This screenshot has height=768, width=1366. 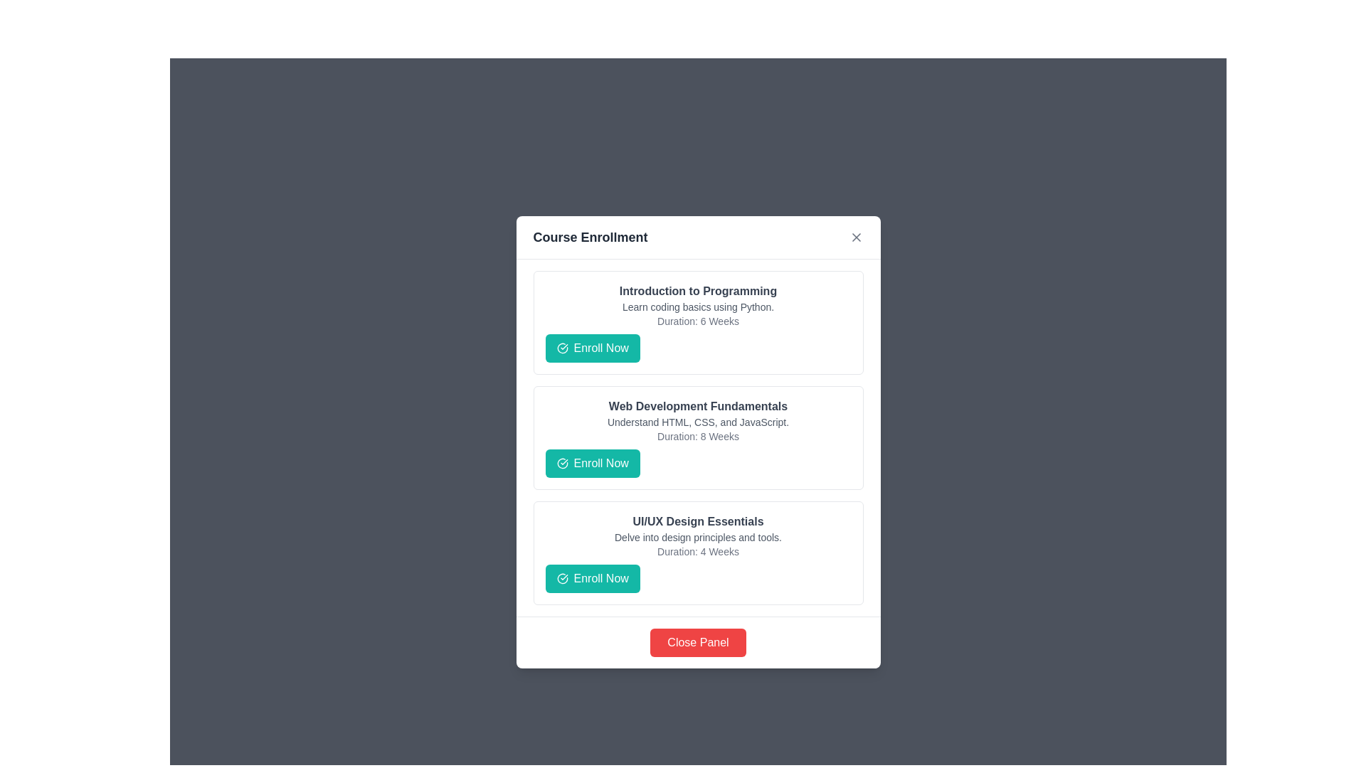 I want to click on the second course informational card in the modal dialog, so click(x=698, y=437).